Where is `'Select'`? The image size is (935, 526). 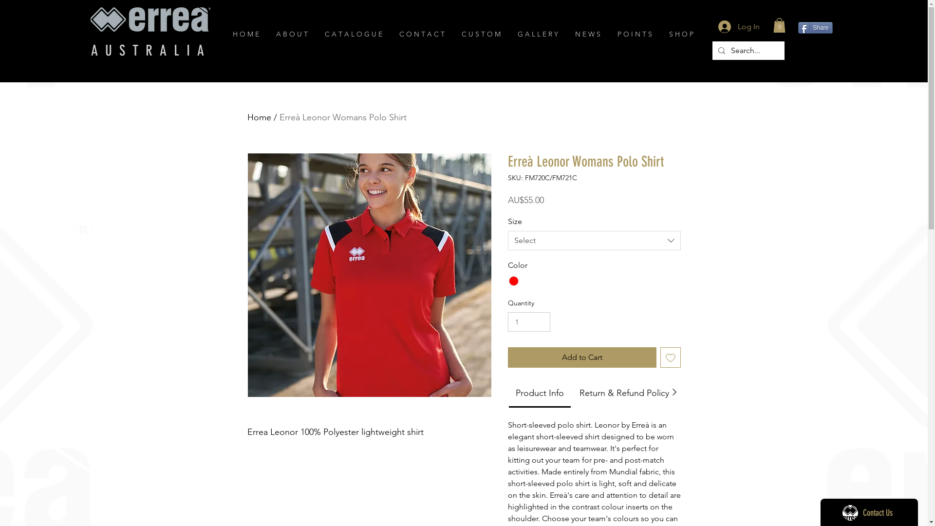
'Select' is located at coordinates (593, 240).